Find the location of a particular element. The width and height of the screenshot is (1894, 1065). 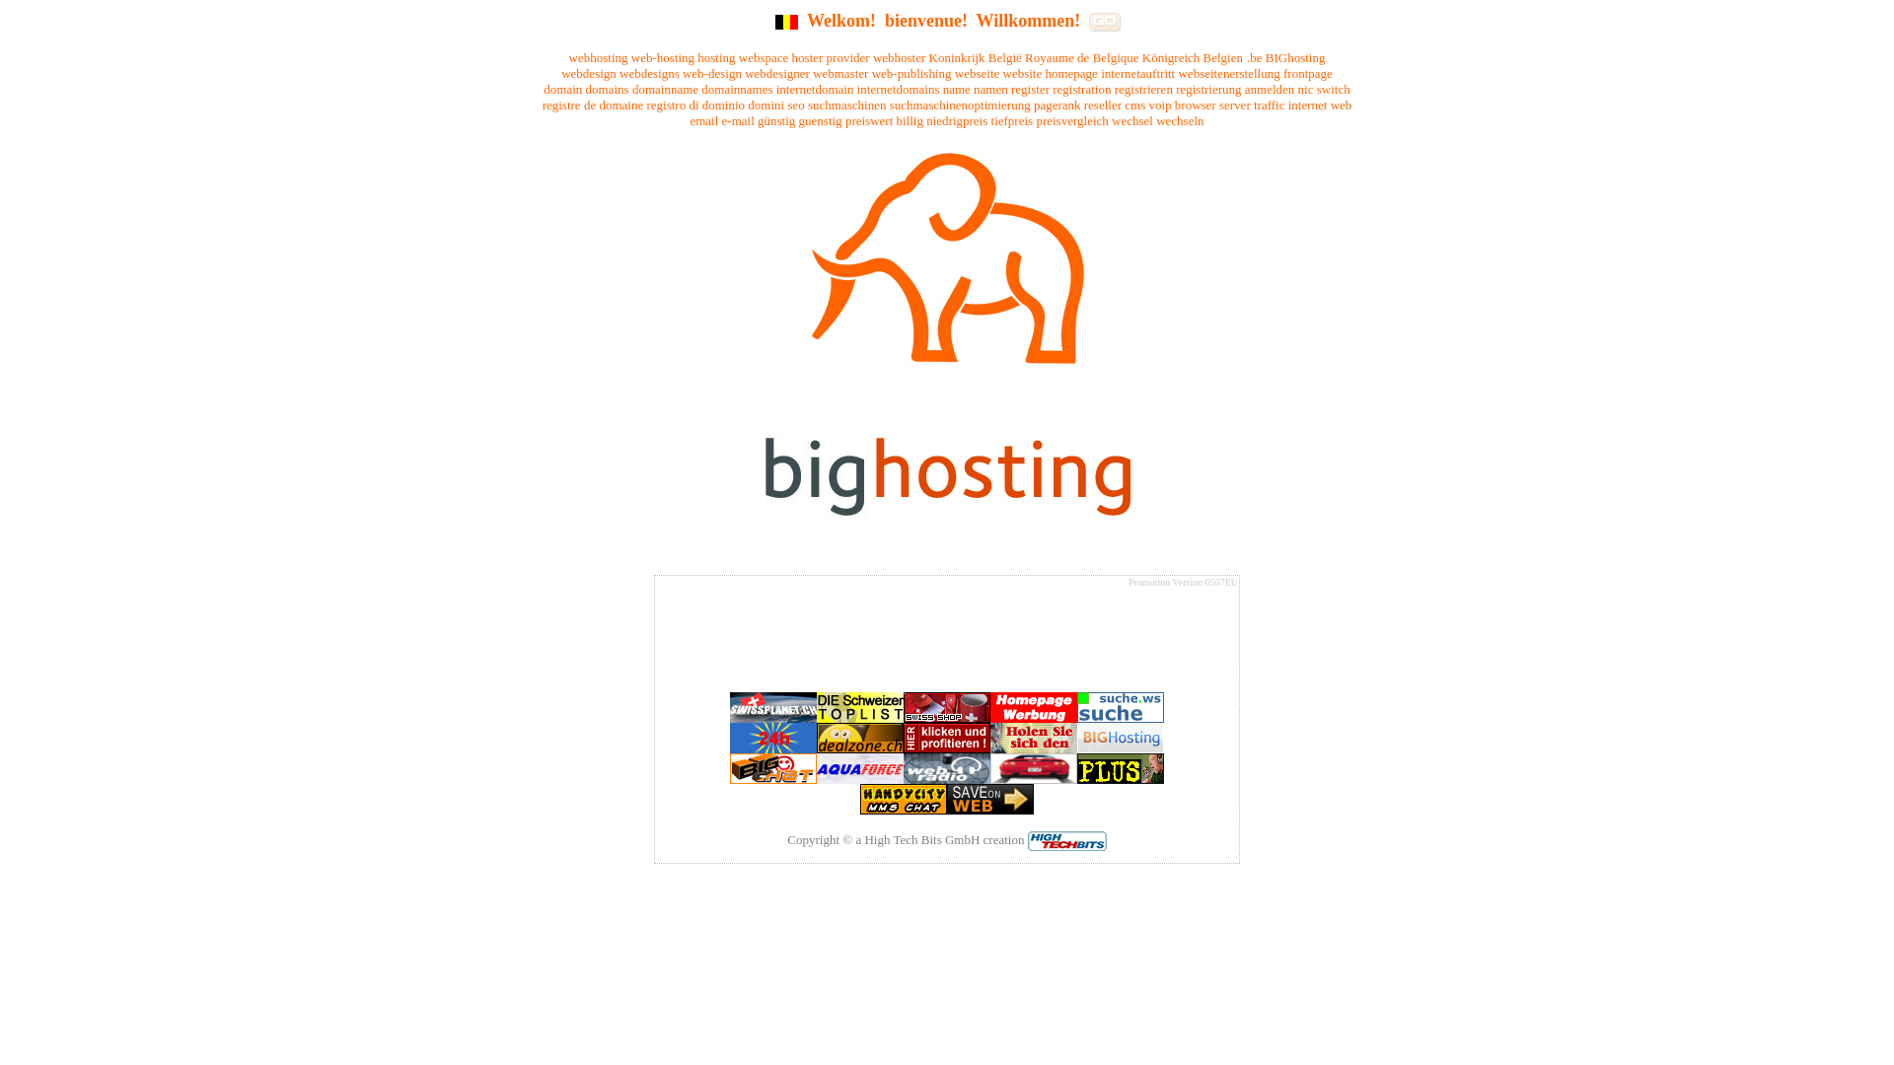

'a High Tech Bits GmbH creation' is located at coordinates (938, 839).